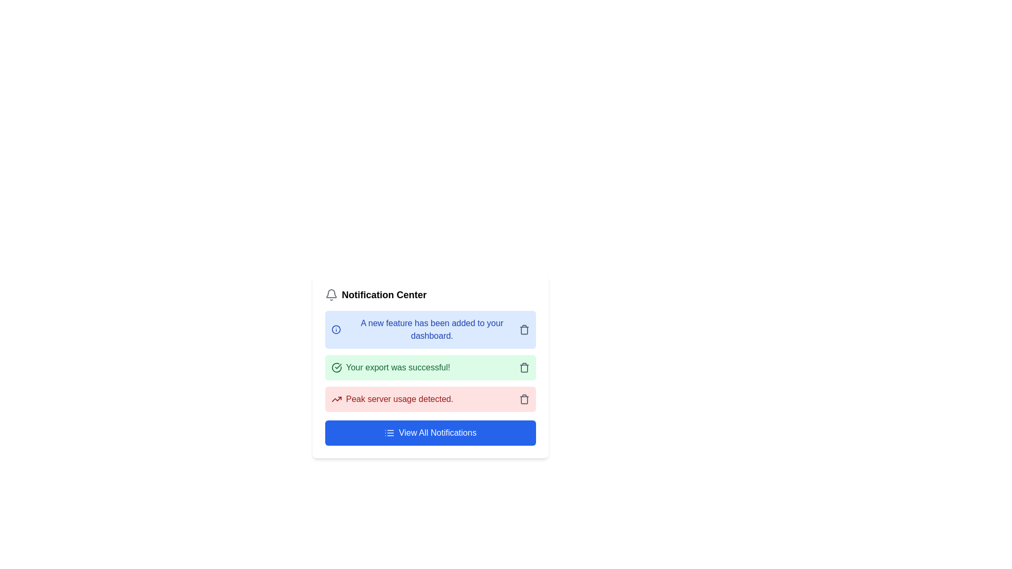 This screenshot has height=569, width=1012. I want to click on the static text element labeled 'Notification Center', which is styled prominently with bold black text and is positioned to the right of a bell icon in the notification panel header, so click(384, 295).